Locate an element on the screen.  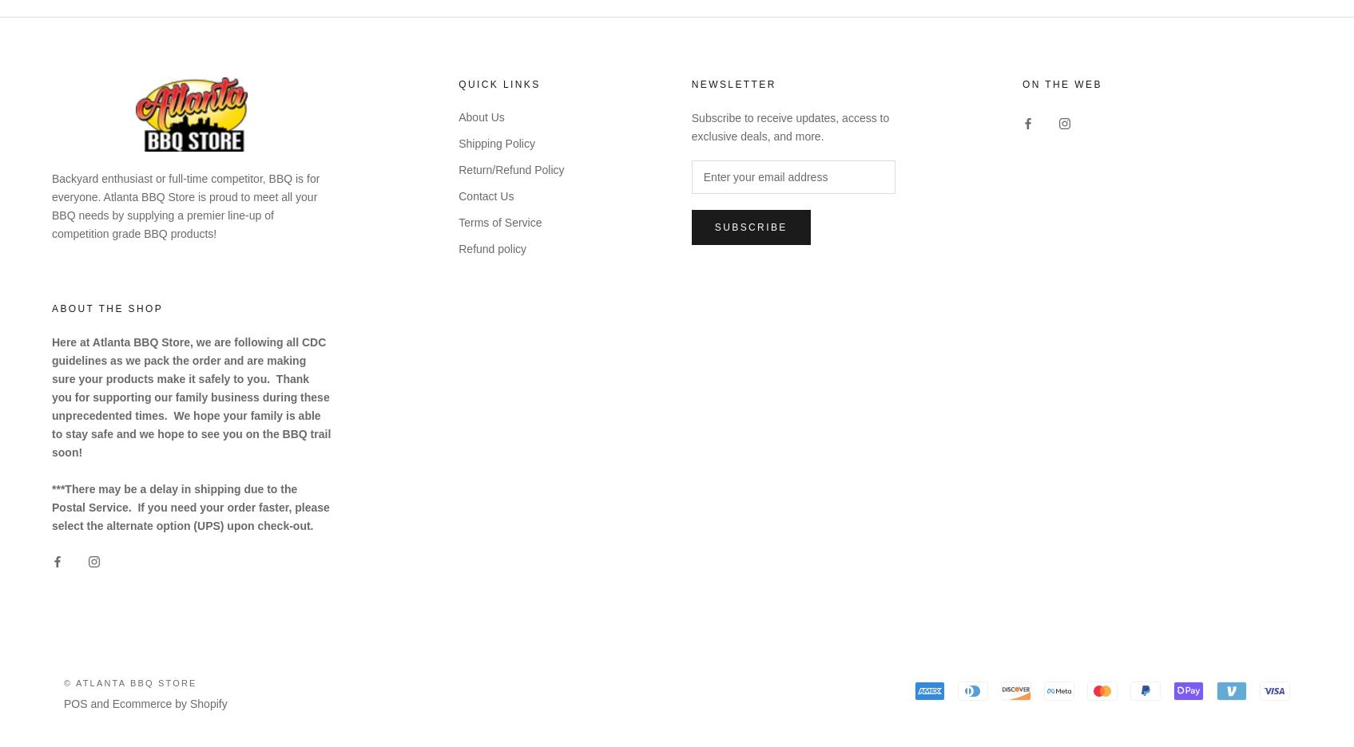
'Here at Atlanta BBQ Store, we are following all CDC guidelines as we pack the order and are making sure your products make it safely to you.  Thank you for supporting our family business during these unprecedented times.  We hope your family is able to stay safe and we hope to see you on the BBQ trail soon!' is located at coordinates (51, 396).